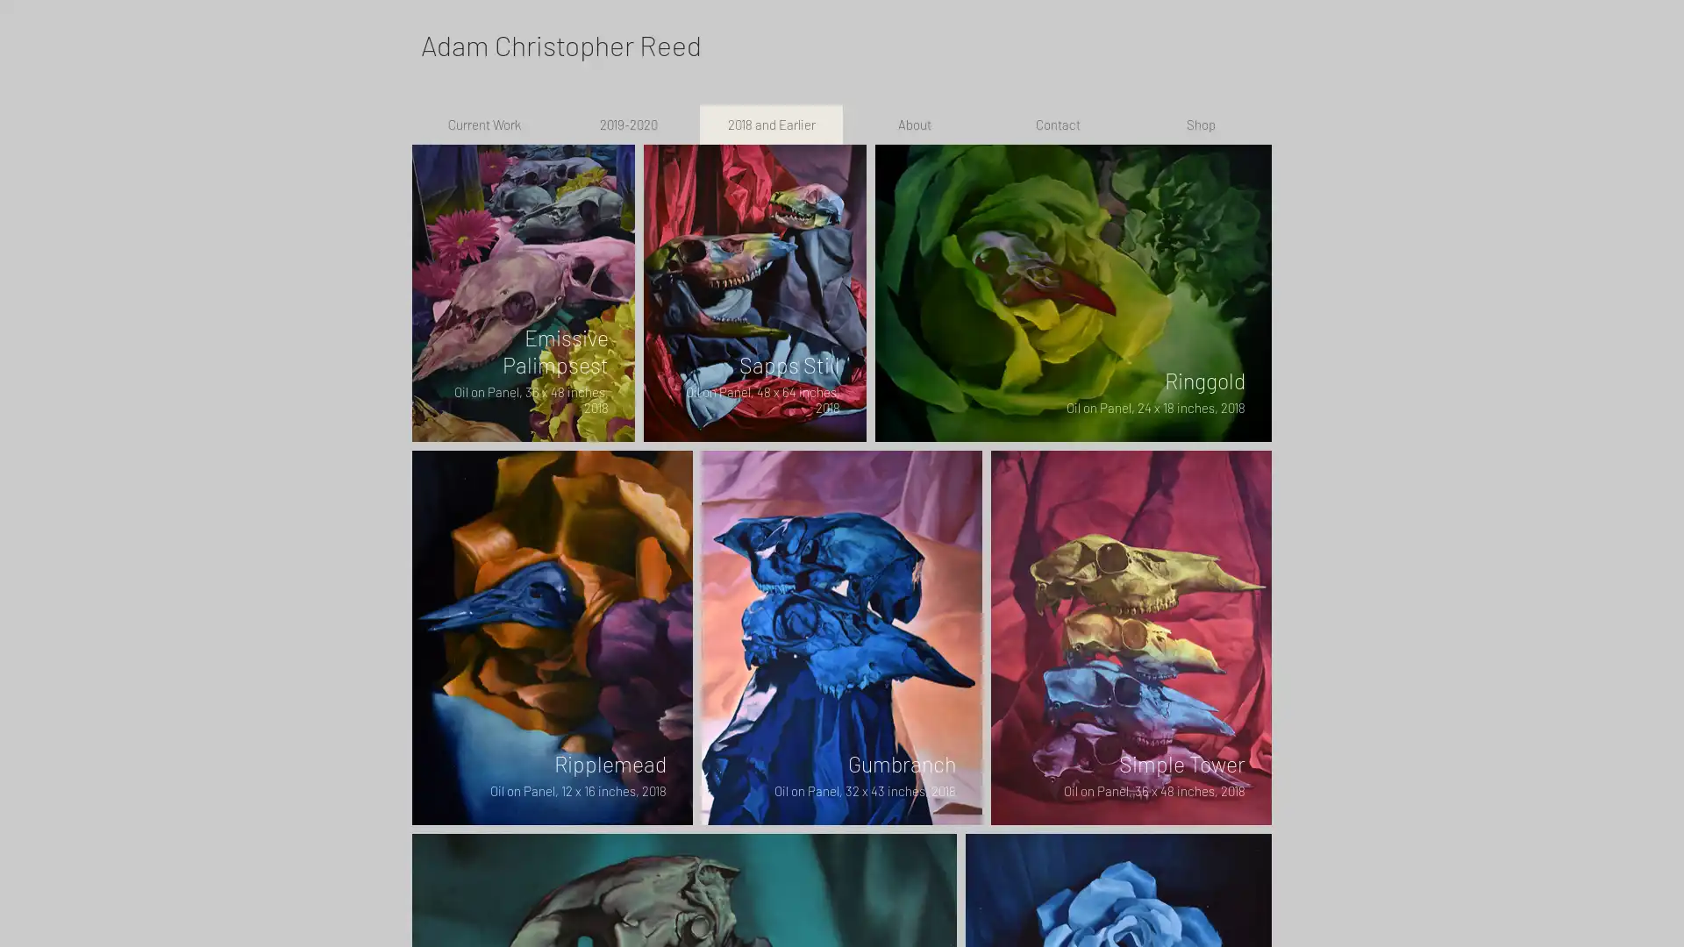 This screenshot has height=947, width=1684. Describe the element at coordinates (842, 637) in the screenshot. I see `Gumbranch` at that location.